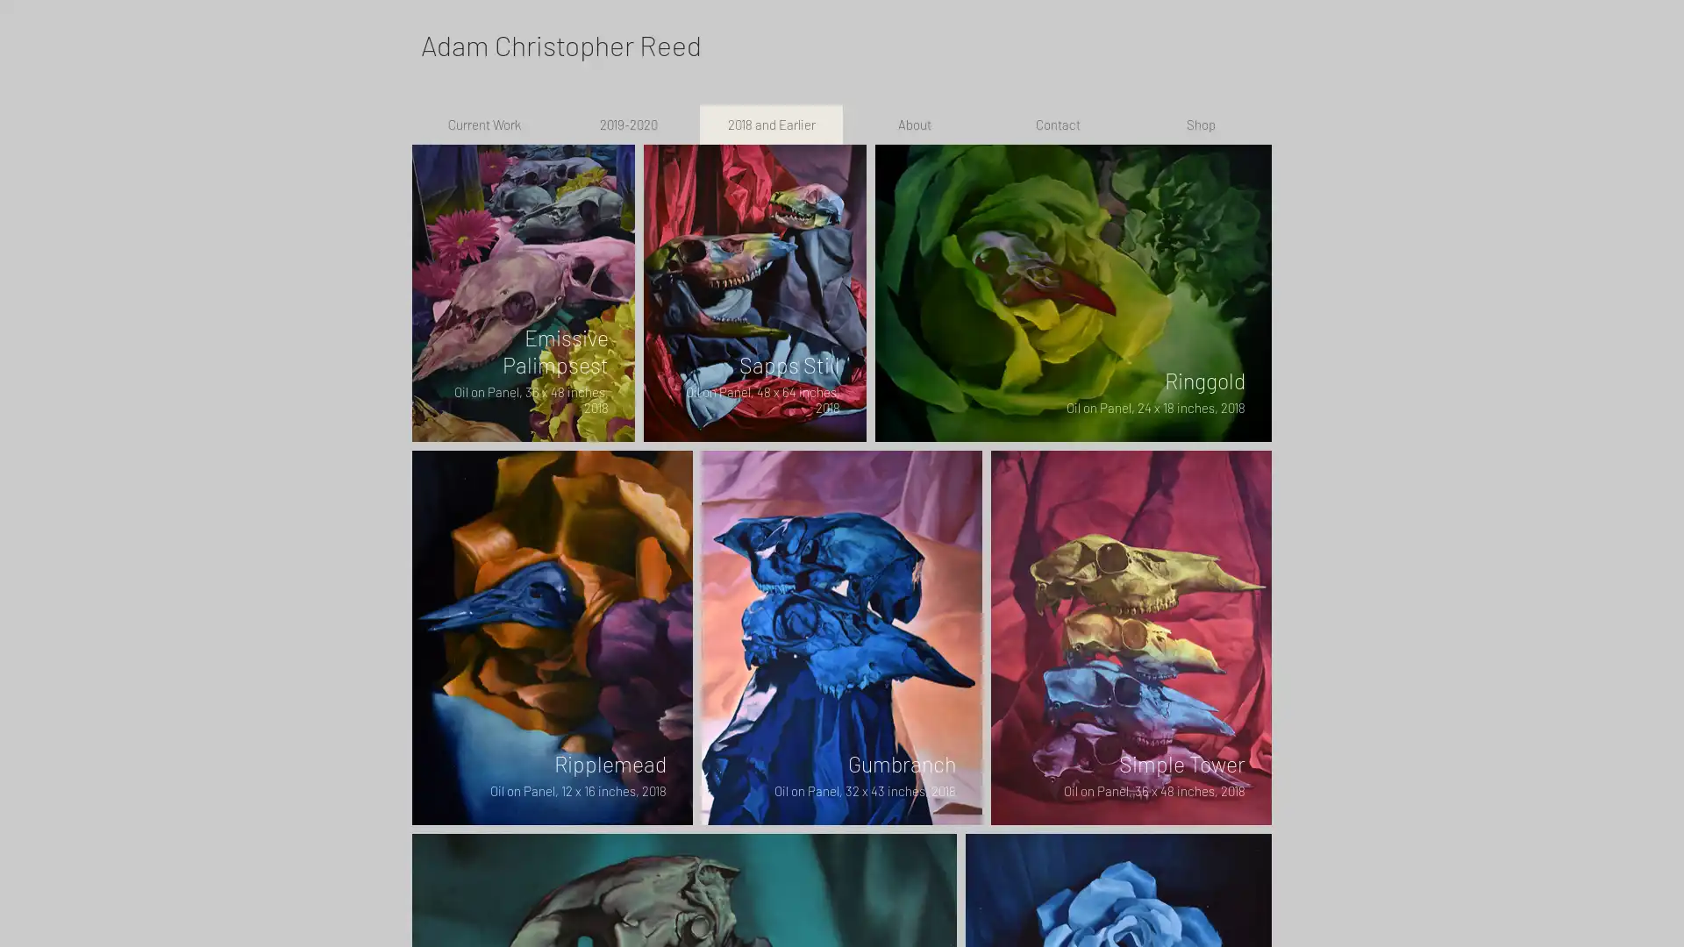 This screenshot has height=947, width=1684. Describe the element at coordinates (842, 637) in the screenshot. I see `Gumbranch` at that location.